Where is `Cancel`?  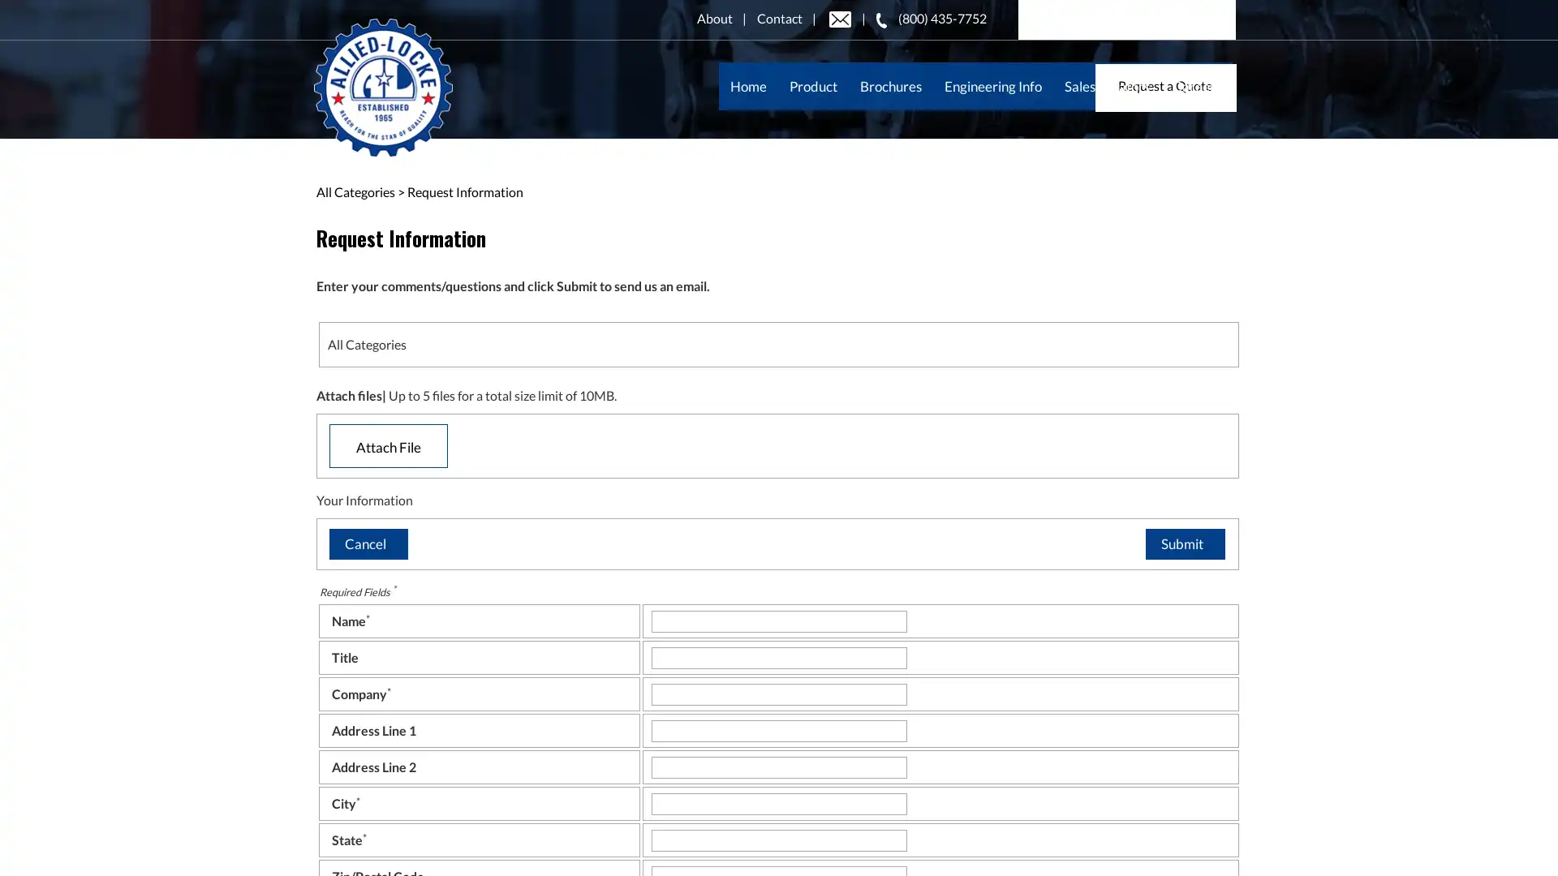
Cancel is located at coordinates (367, 543).